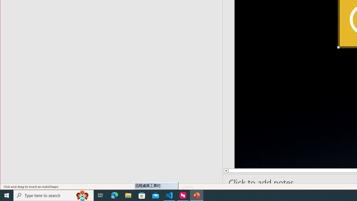 The height and width of the screenshot is (201, 357). What do you see at coordinates (169, 195) in the screenshot?
I see `'Visual Studio Code - 1 running window'` at bounding box center [169, 195].